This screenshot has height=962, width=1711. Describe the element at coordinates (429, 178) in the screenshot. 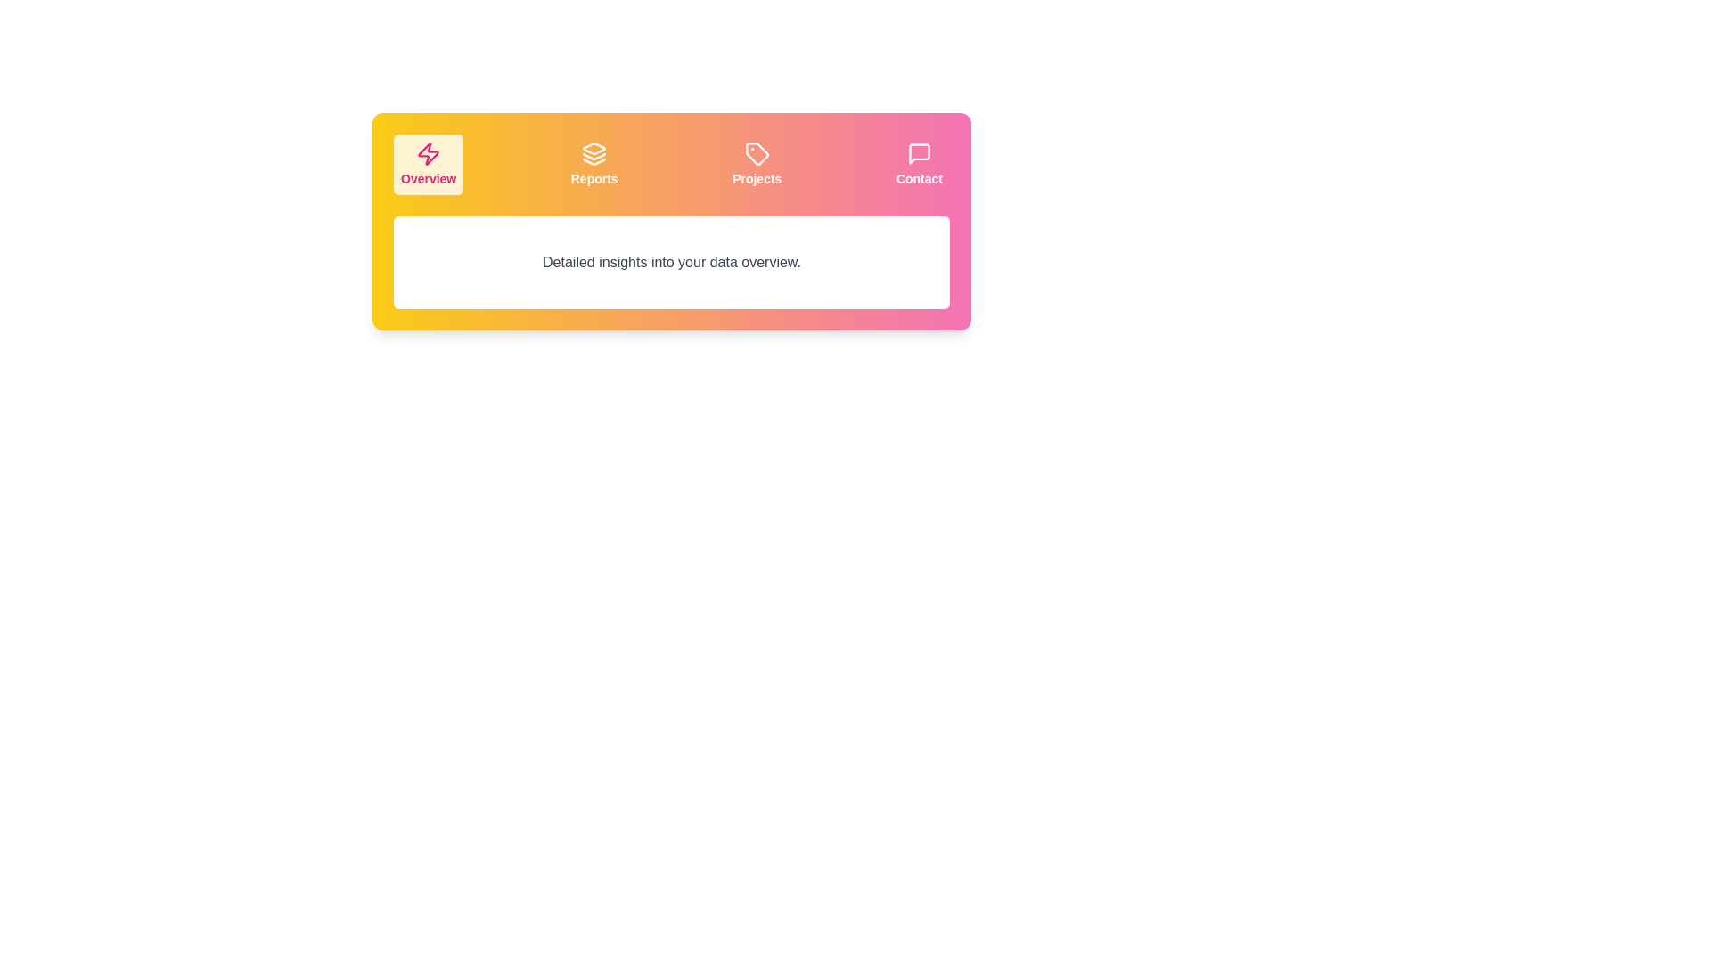

I see `the text label that describes the purpose of its section, located in the top-left corner of a rectangular section with a gradient orange-to-pink background` at that location.